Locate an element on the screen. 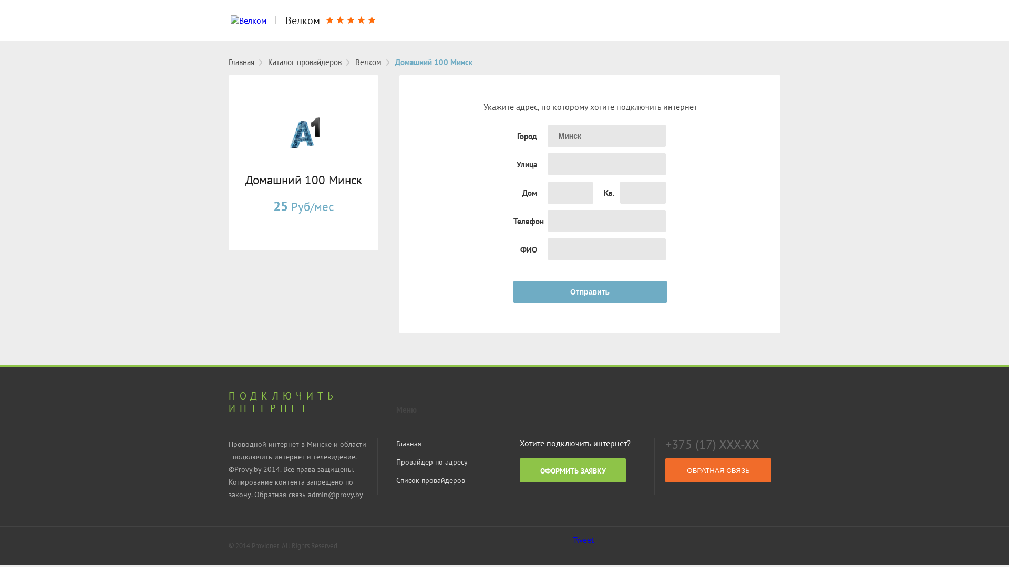  'Tweet' is located at coordinates (582, 540).